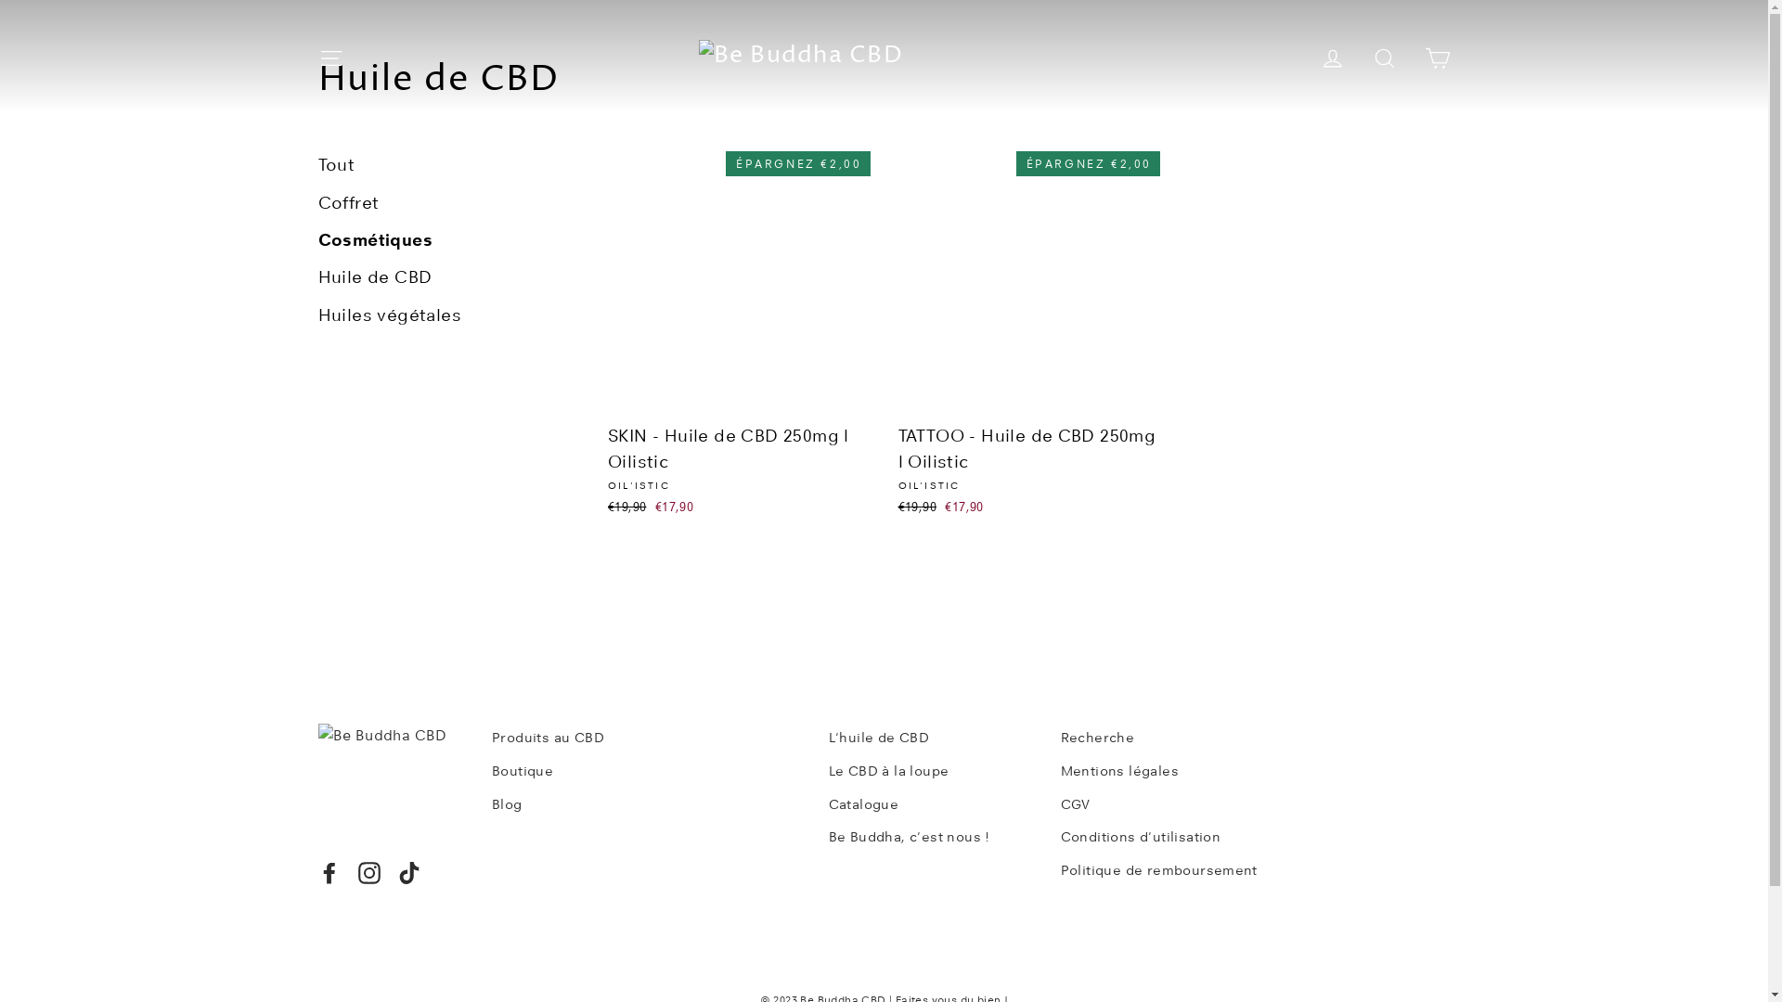  Describe the element at coordinates (0, 0) in the screenshot. I see `'Passer au contenu'` at that location.